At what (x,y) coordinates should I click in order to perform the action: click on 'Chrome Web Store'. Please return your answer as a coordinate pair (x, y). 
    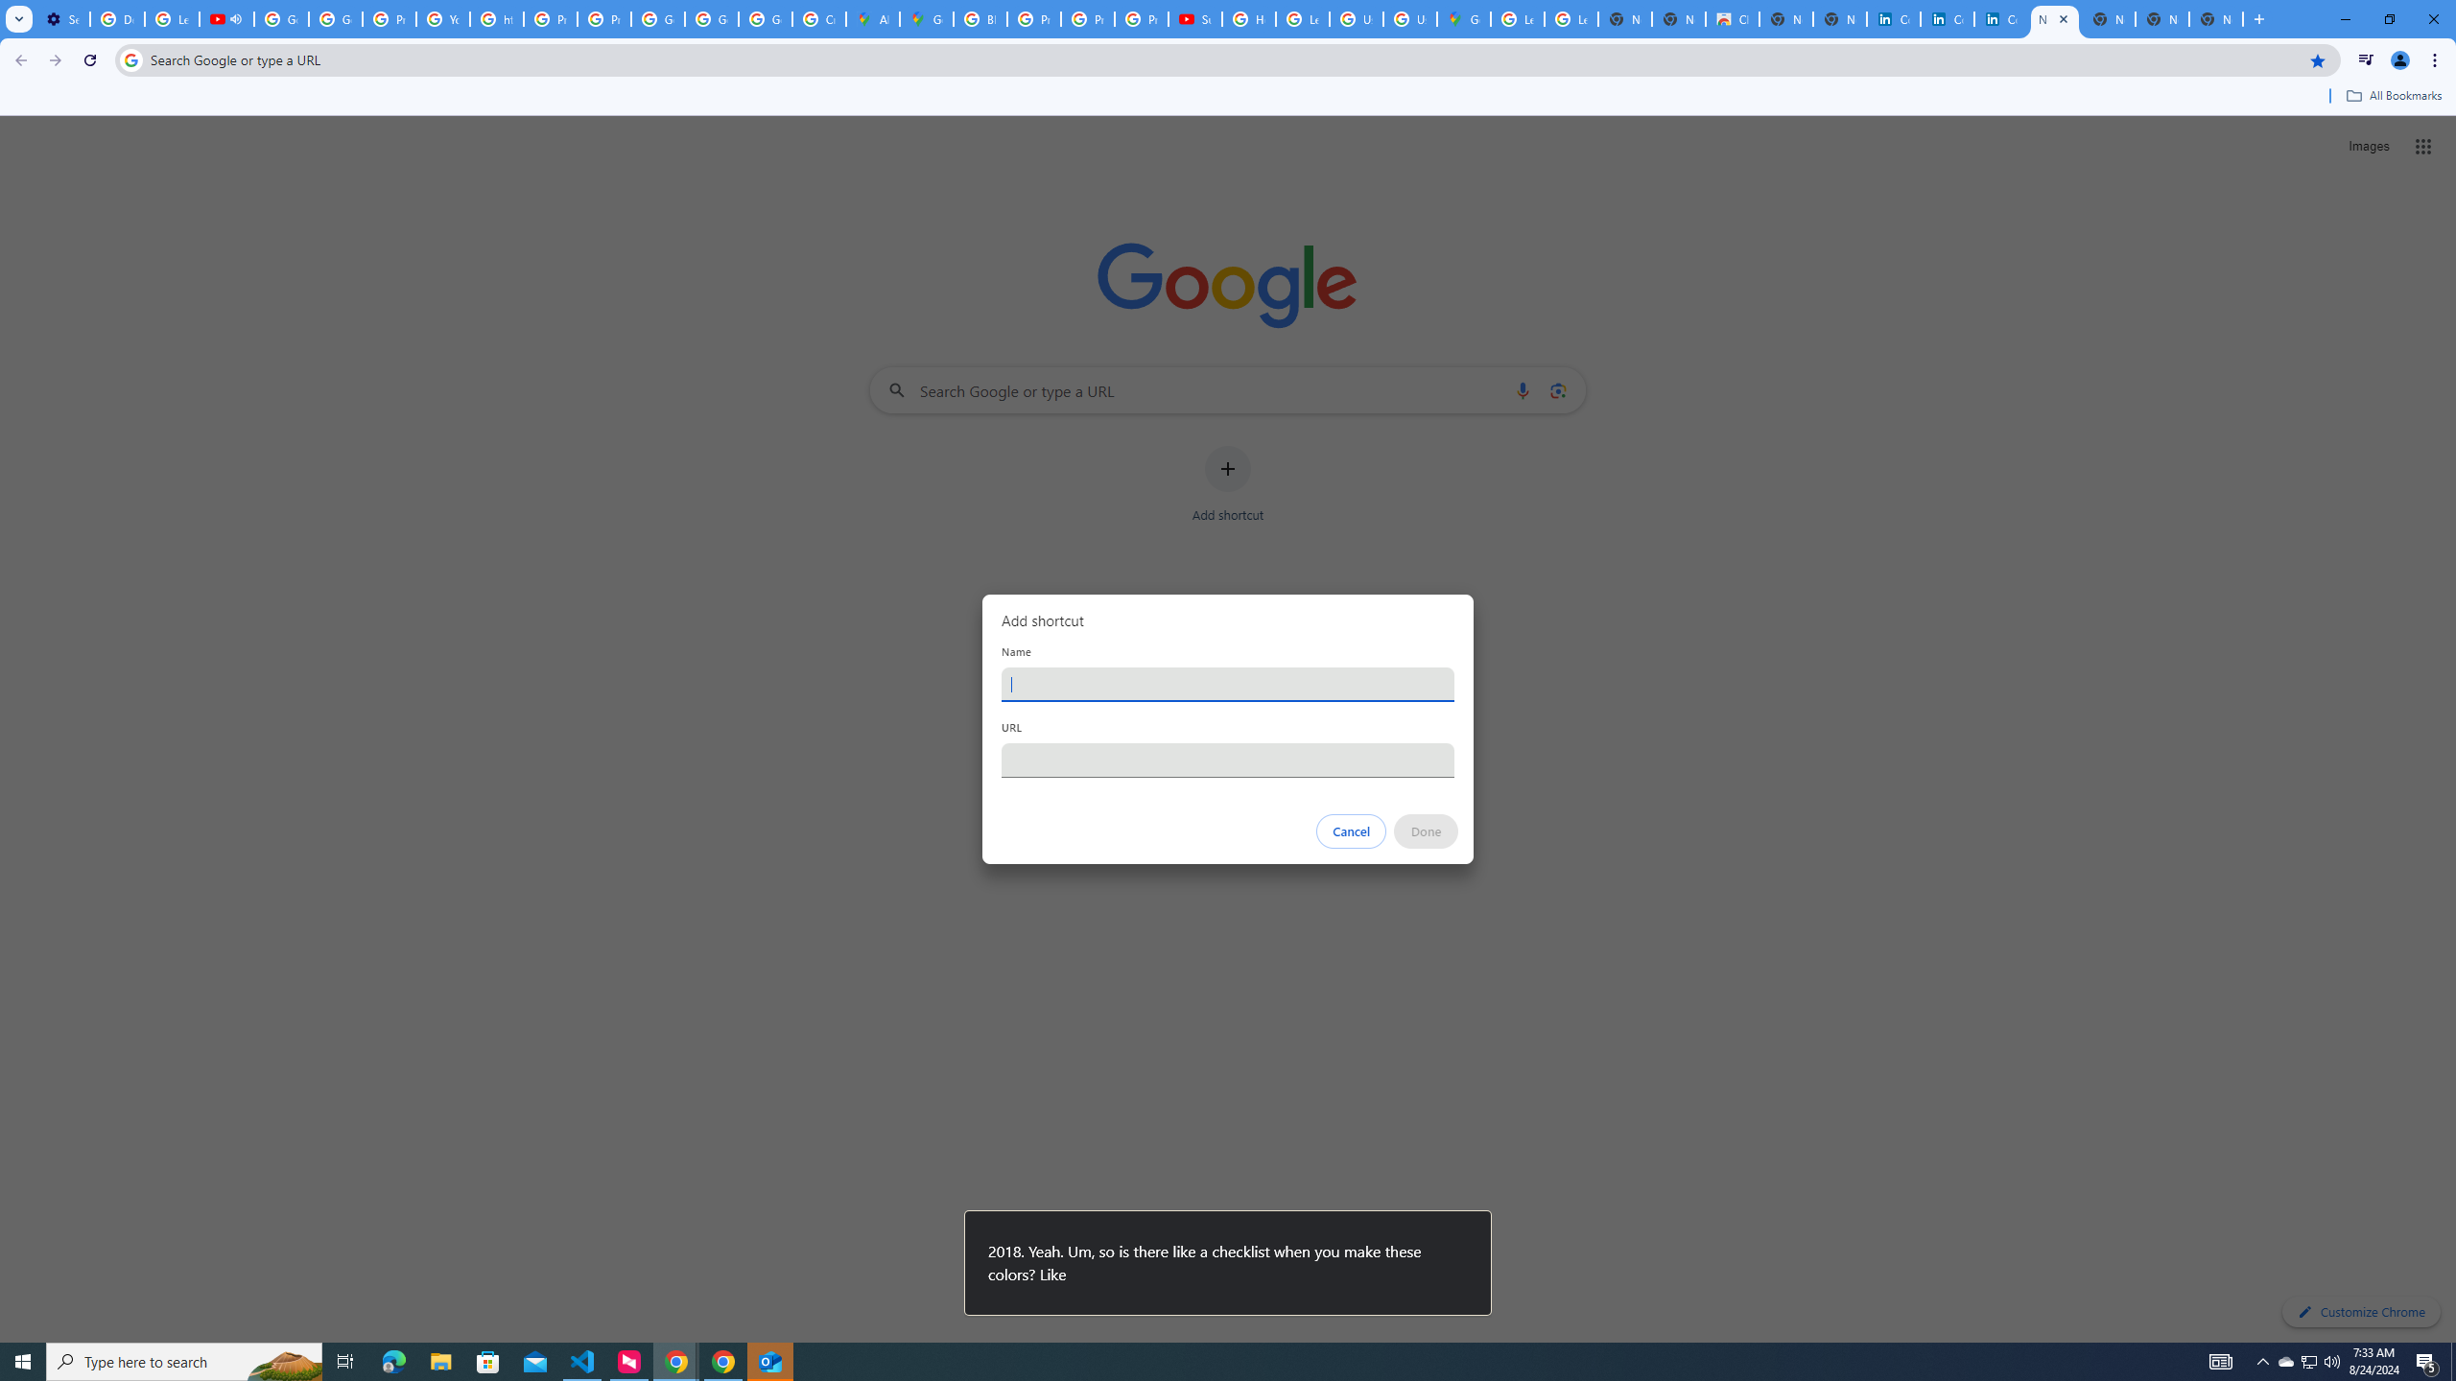
    Looking at the image, I should click on (1732, 18).